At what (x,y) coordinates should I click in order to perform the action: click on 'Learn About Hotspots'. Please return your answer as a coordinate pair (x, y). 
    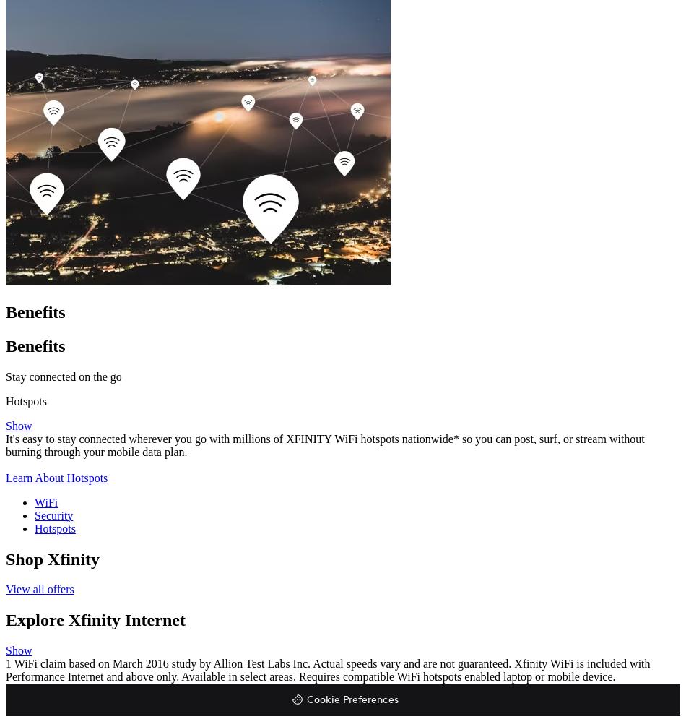
    Looking at the image, I should click on (5, 476).